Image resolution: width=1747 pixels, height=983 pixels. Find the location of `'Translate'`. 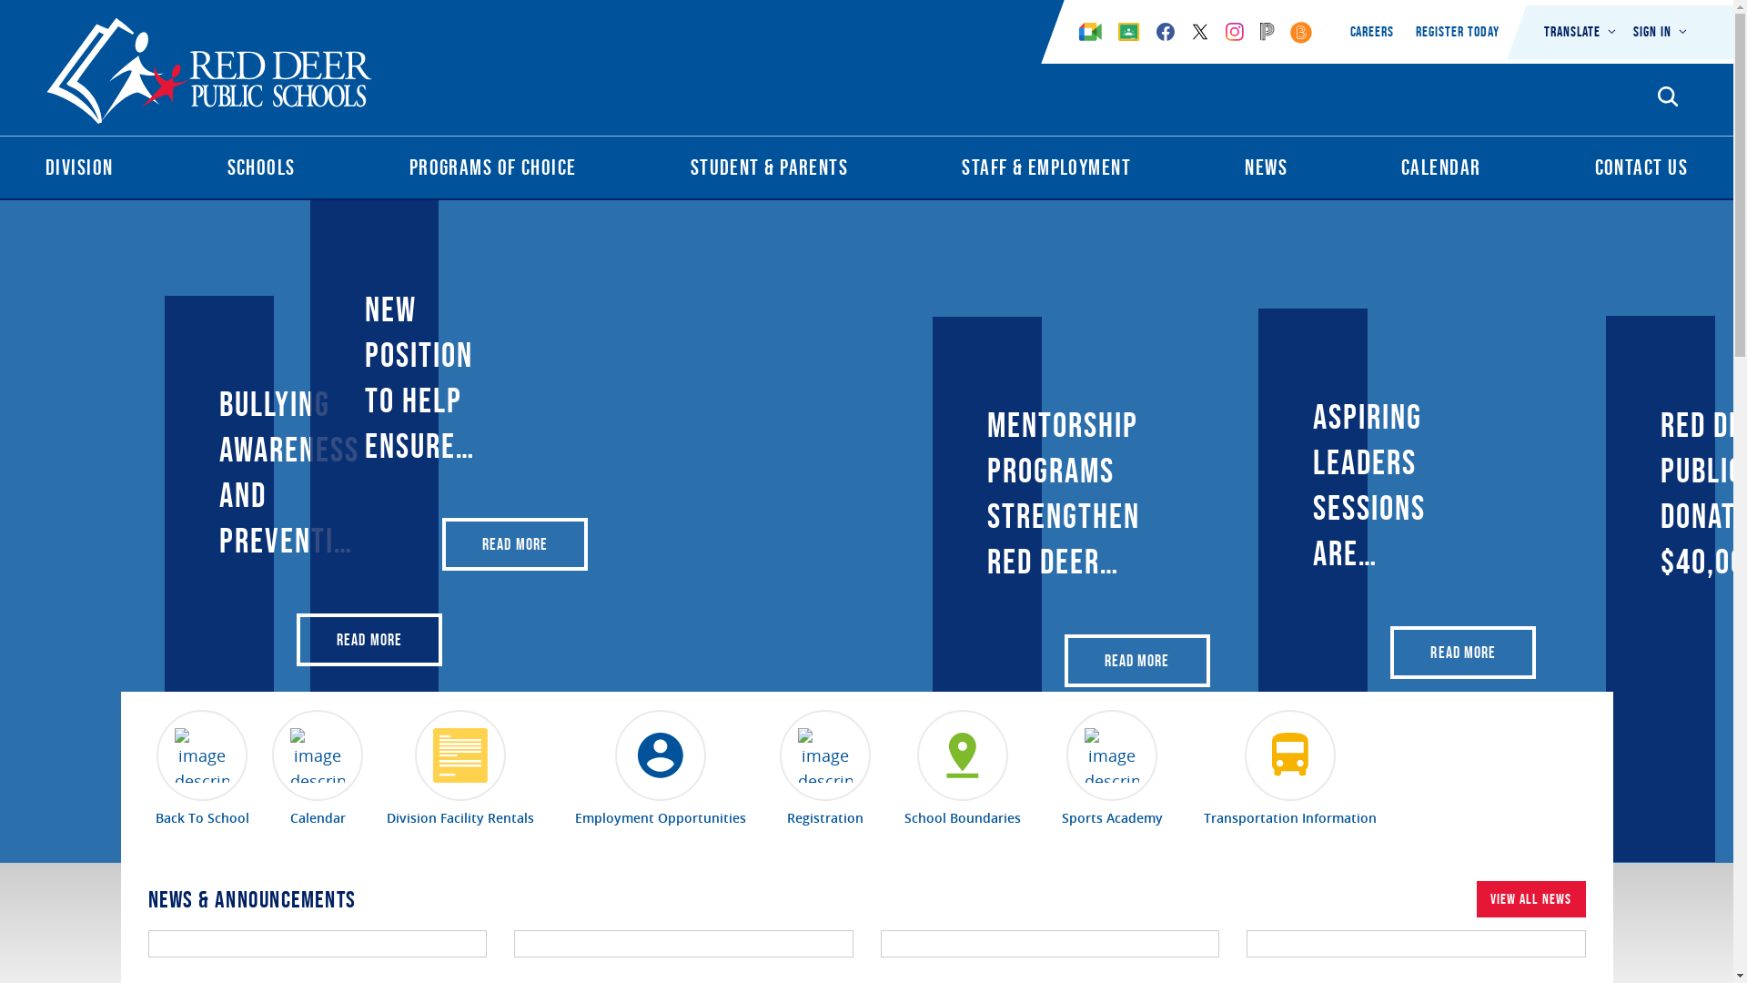

'Translate' is located at coordinates (1580, 32).